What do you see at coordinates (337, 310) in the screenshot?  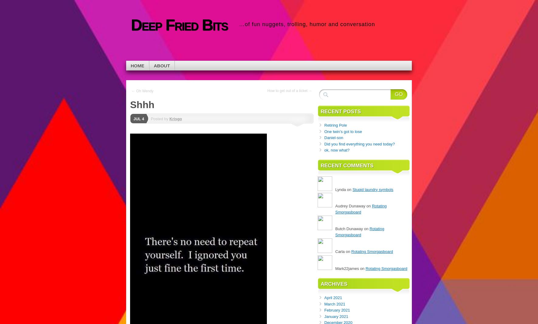 I see `'February 2021'` at bounding box center [337, 310].